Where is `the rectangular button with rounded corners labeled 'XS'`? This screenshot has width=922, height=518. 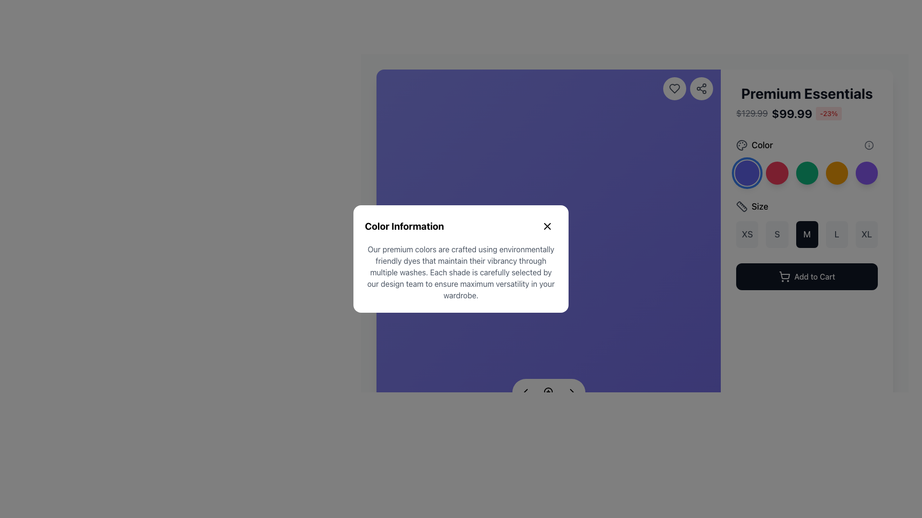
the rectangular button with rounded corners labeled 'XS' is located at coordinates (746, 235).